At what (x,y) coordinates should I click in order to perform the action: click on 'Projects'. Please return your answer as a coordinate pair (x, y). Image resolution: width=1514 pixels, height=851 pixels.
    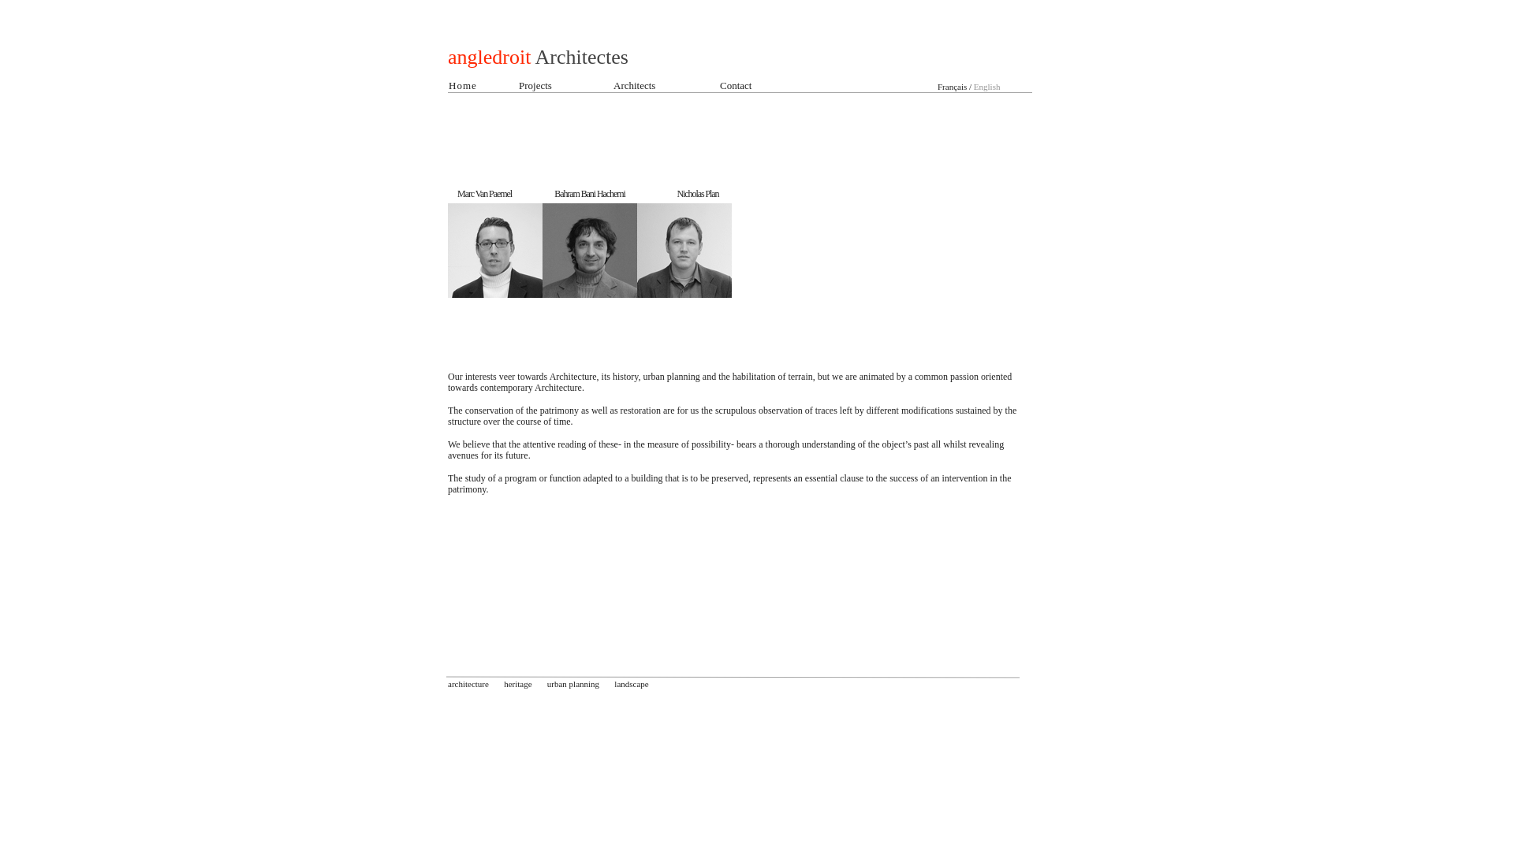
    Looking at the image, I should click on (535, 85).